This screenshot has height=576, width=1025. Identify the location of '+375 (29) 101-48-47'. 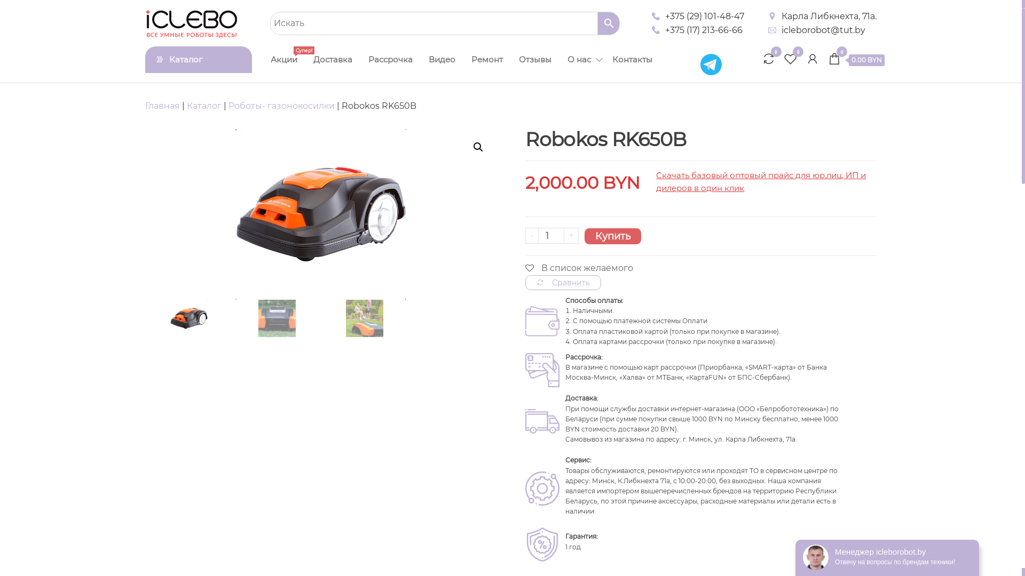
(705, 16).